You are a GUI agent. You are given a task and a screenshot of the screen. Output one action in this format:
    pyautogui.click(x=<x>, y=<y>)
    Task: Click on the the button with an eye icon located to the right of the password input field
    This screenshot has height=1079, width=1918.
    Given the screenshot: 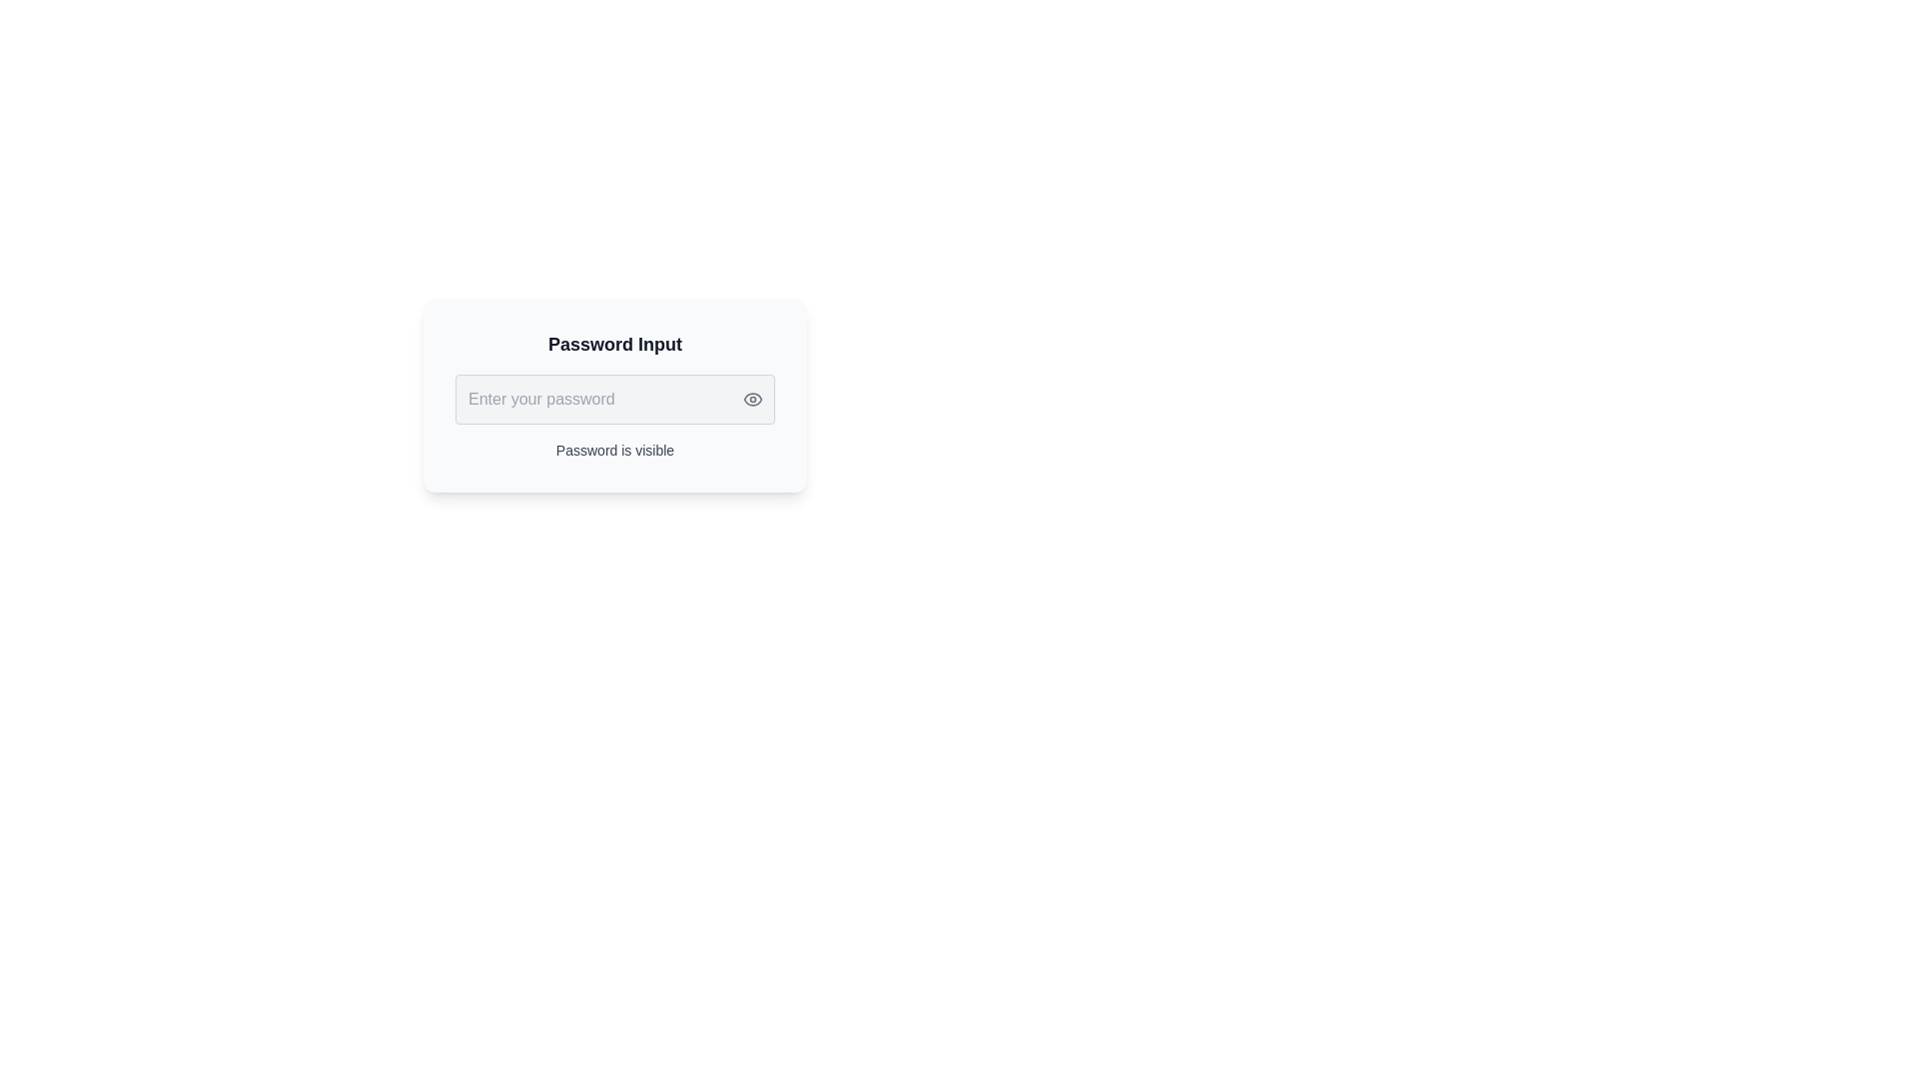 What is the action you would take?
    pyautogui.click(x=751, y=400)
    